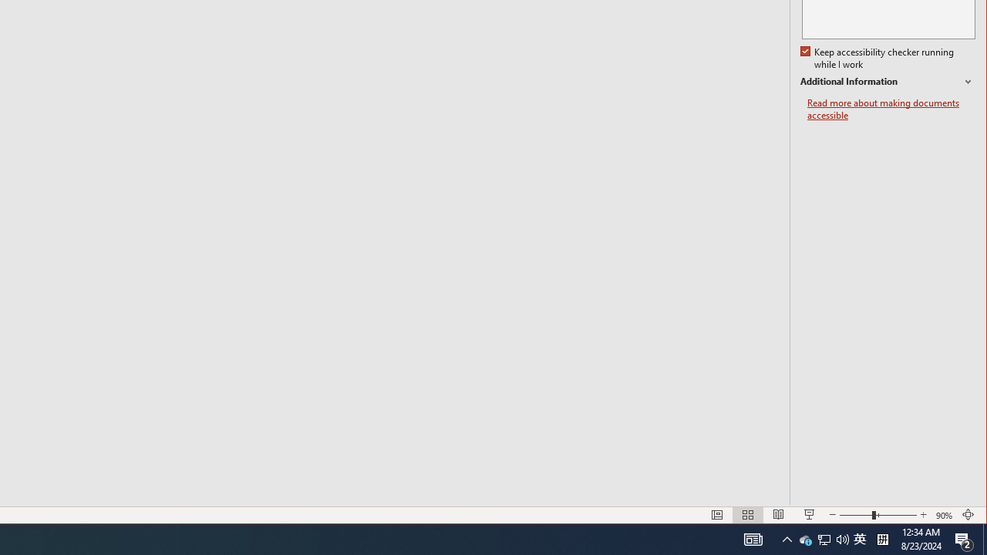 Image resolution: width=987 pixels, height=555 pixels. Describe the element at coordinates (944, 515) in the screenshot. I see `'Zoom 90%'` at that location.